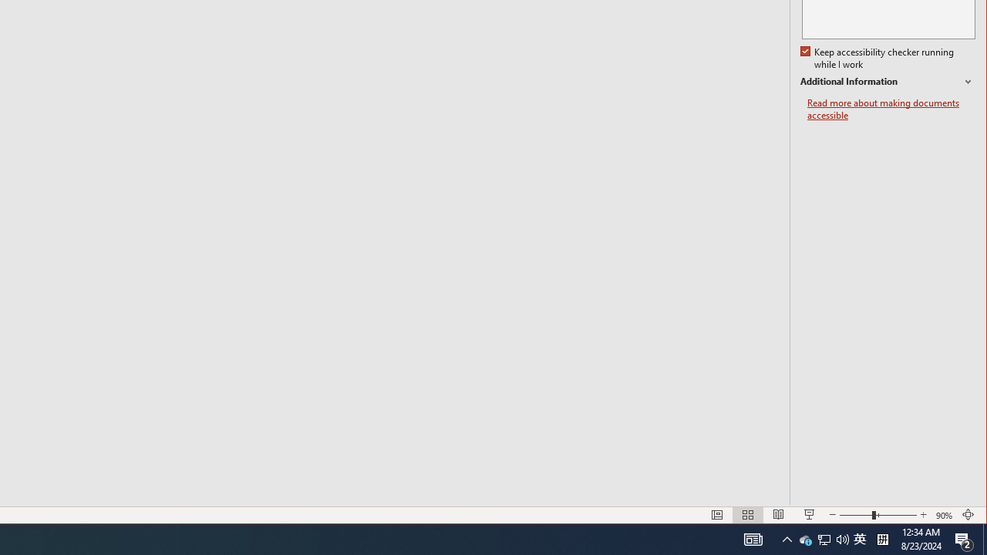 Image resolution: width=987 pixels, height=555 pixels. Describe the element at coordinates (944, 515) in the screenshot. I see `'Zoom 90%'` at that location.